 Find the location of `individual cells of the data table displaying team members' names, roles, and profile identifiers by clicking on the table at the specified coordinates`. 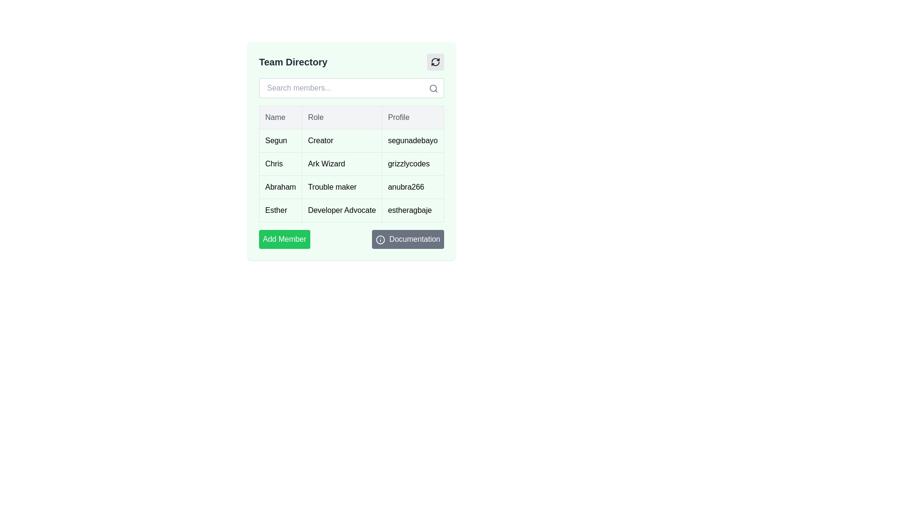

individual cells of the data table displaying team members' names, roles, and profile identifiers by clicking on the table at the specified coordinates is located at coordinates (351, 164).